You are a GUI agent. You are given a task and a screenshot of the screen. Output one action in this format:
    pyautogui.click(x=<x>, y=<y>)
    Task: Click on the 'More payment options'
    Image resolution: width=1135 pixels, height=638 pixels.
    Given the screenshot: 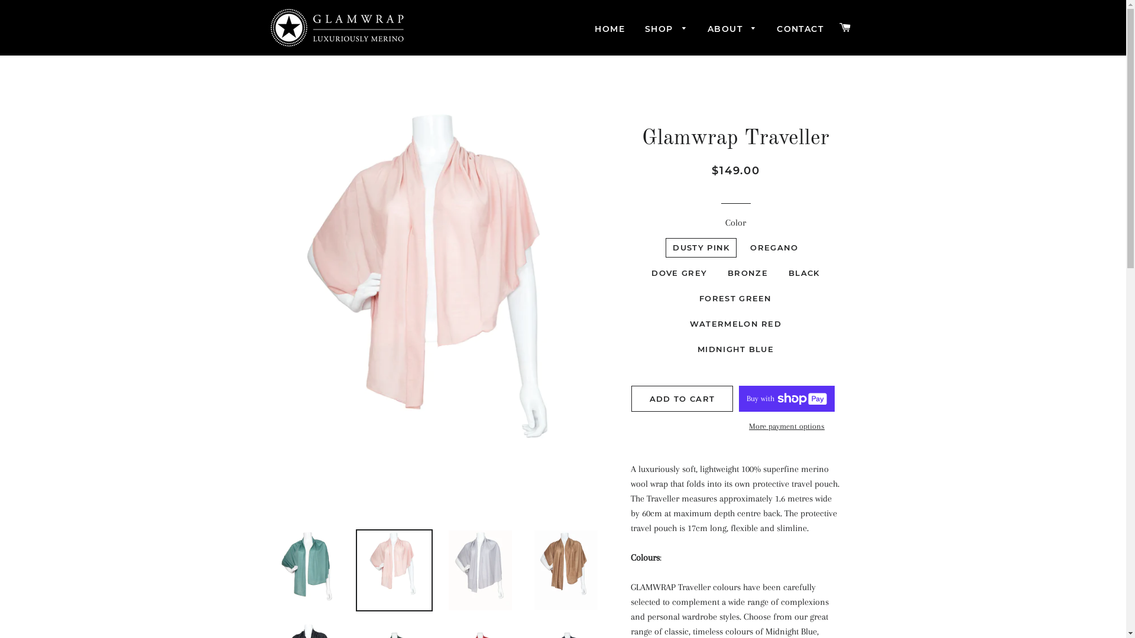 What is the action you would take?
    pyautogui.click(x=786, y=426)
    